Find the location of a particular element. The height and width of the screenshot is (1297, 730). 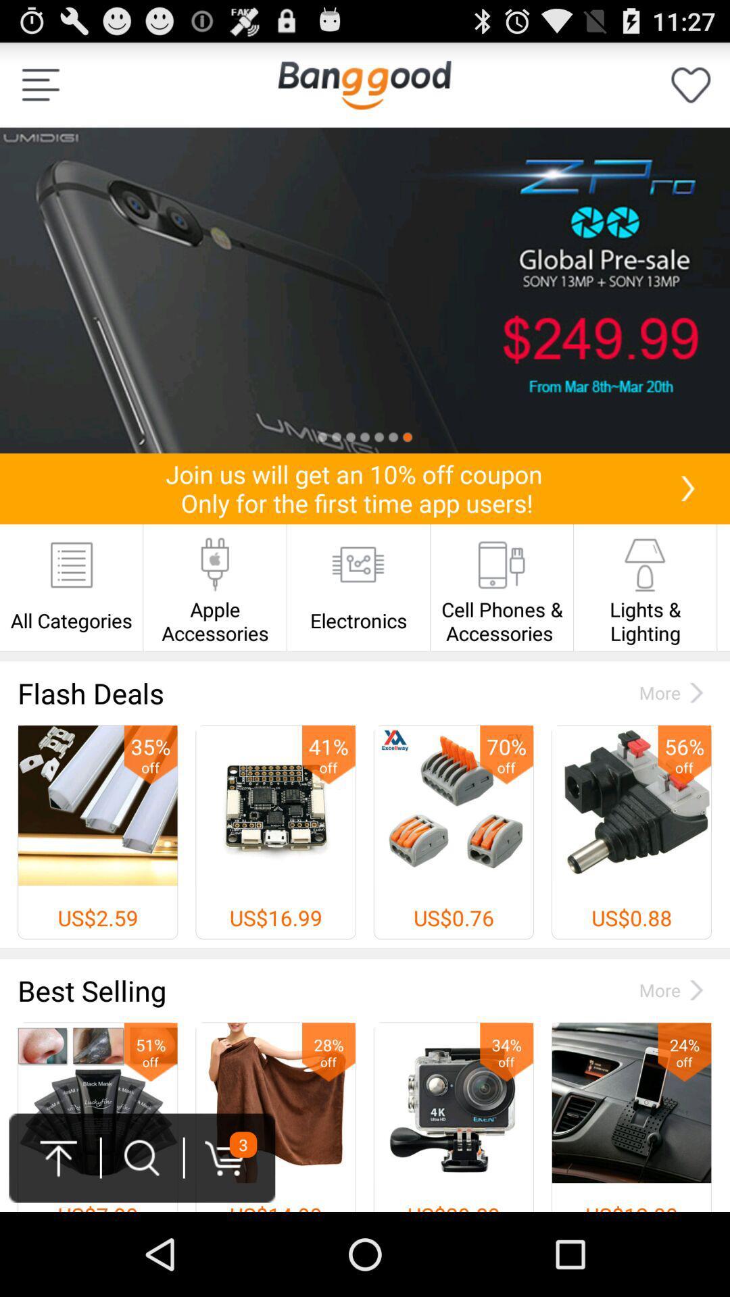

icon at the top left corner is located at coordinates (40, 84).